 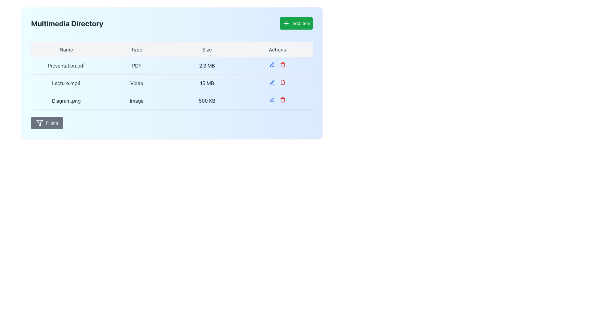 What do you see at coordinates (296, 23) in the screenshot?
I see `the 'Add New Multimedia Item' button located at the top right corner of the 'Multimedia Directory' section` at bounding box center [296, 23].